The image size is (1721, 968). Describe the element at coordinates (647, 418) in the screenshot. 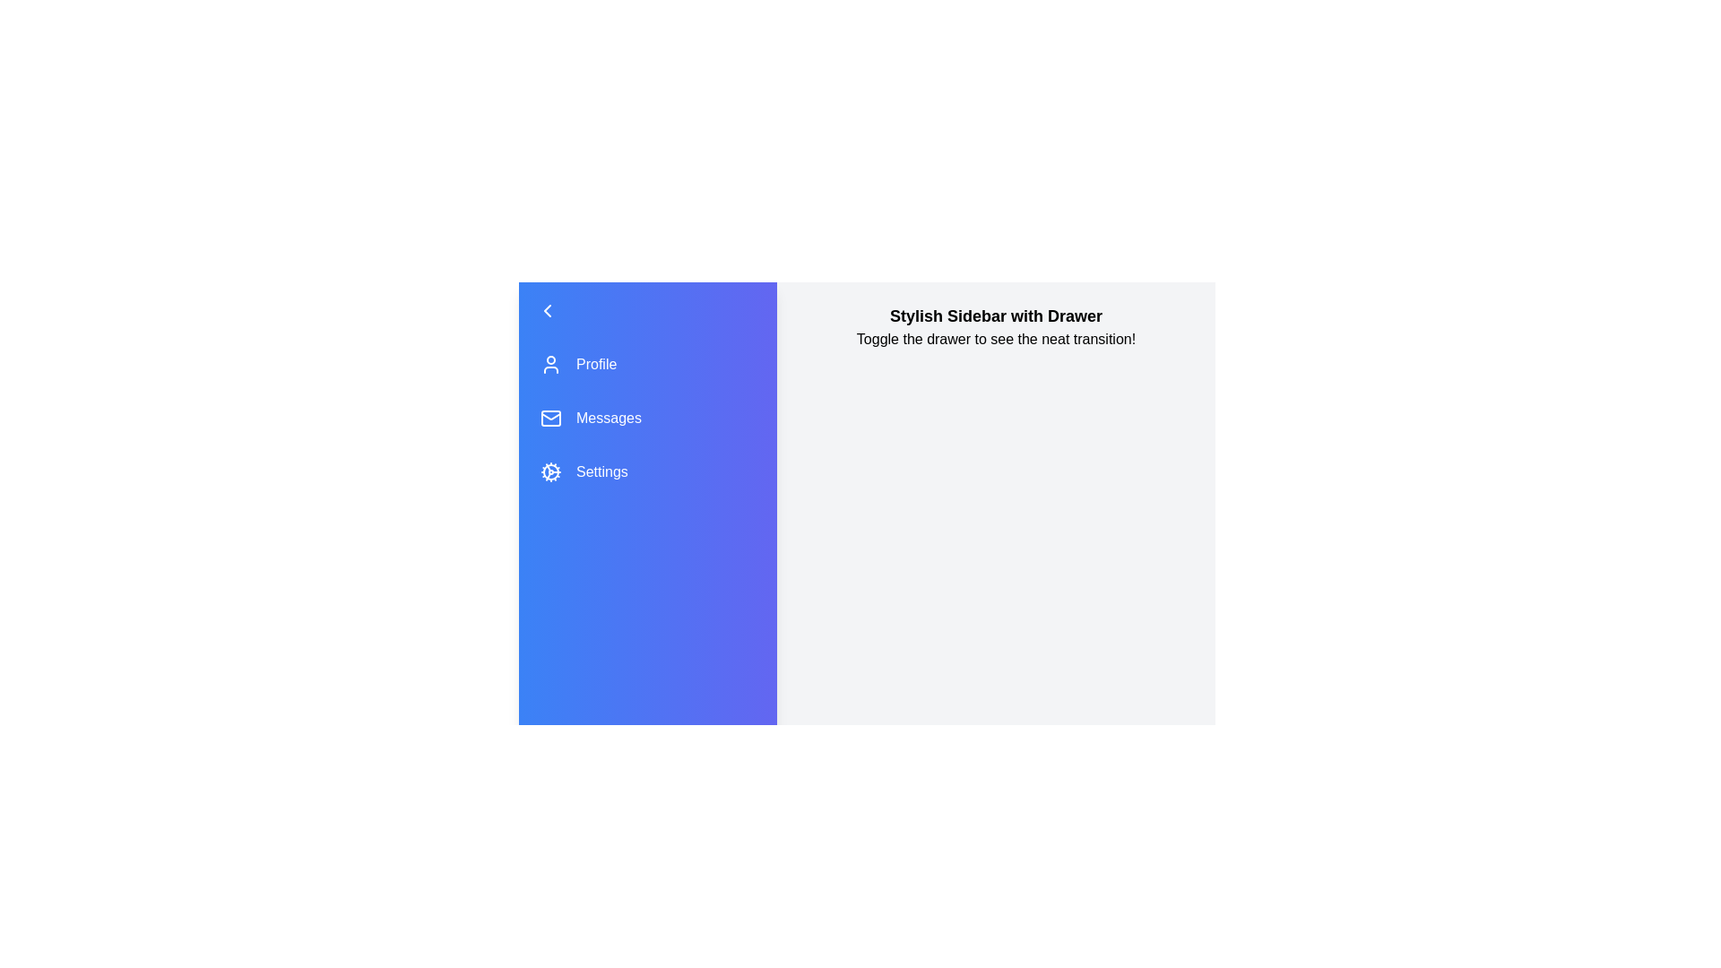

I see `the menu item Messages from the sidebar` at that location.